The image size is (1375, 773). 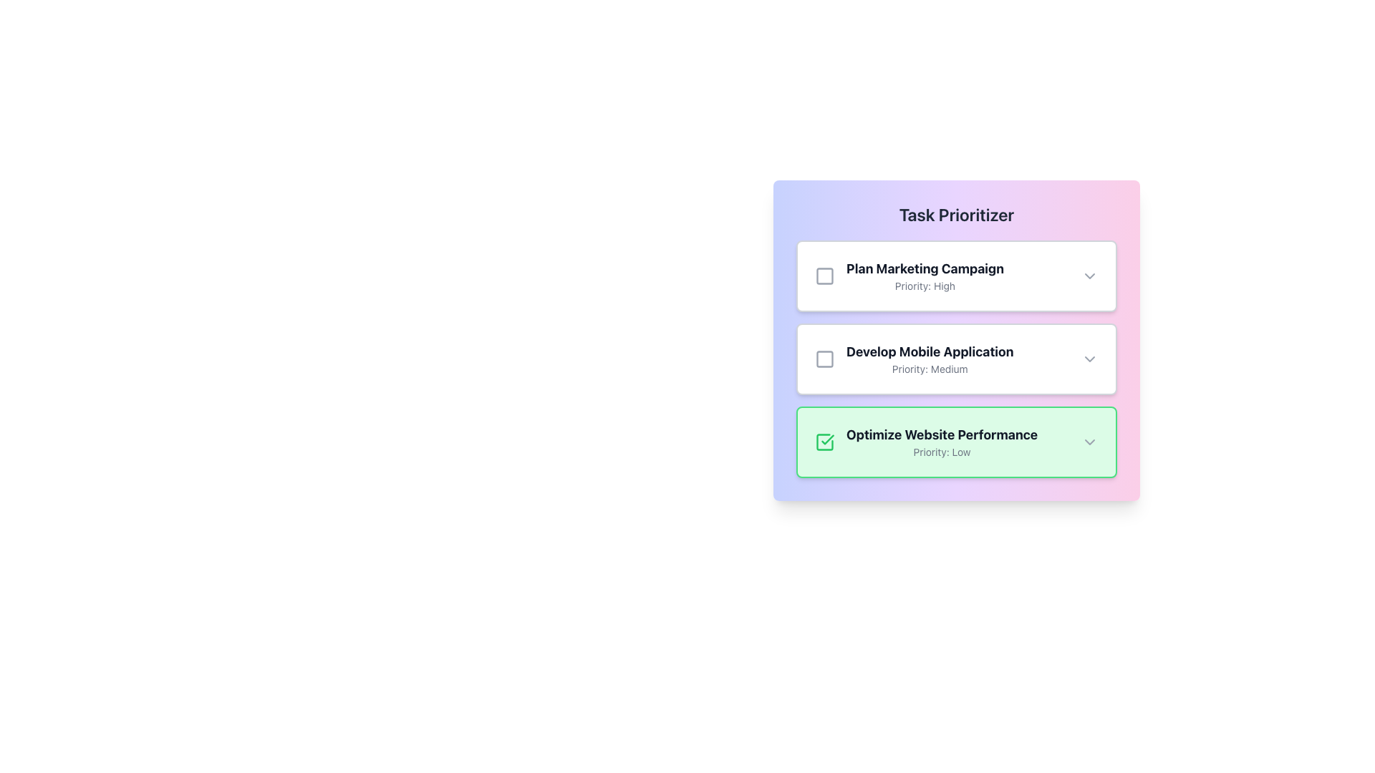 What do you see at coordinates (925, 276) in the screenshot?
I see `the text element that reads 'Plan Marketing Campaign' in bold within the uppermost task card to interact with the task` at bounding box center [925, 276].